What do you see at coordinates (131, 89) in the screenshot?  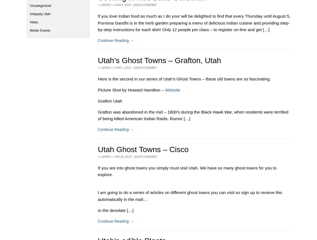 I see `'Picture Shot by Howard Hamilton –'` at bounding box center [131, 89].